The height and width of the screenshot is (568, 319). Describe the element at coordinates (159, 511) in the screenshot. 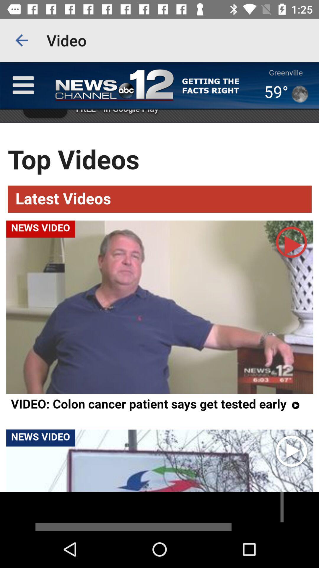

I see `advertisement` at that location.